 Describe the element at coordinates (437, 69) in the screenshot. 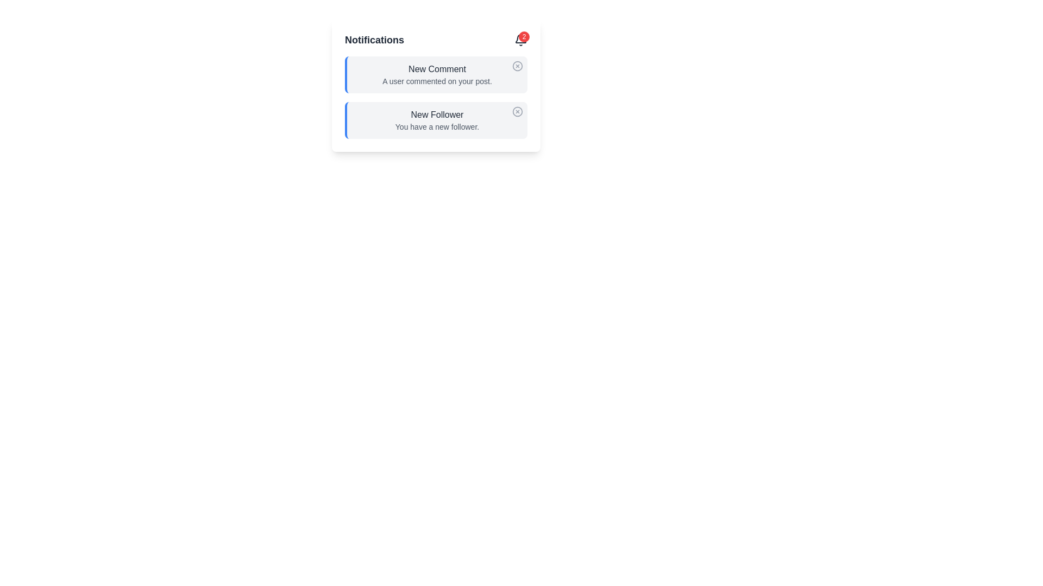

I see `the 'New Comment' textual label located at the top left of the notification card, which is styled with a medium font weight and dark gray color` at that location.